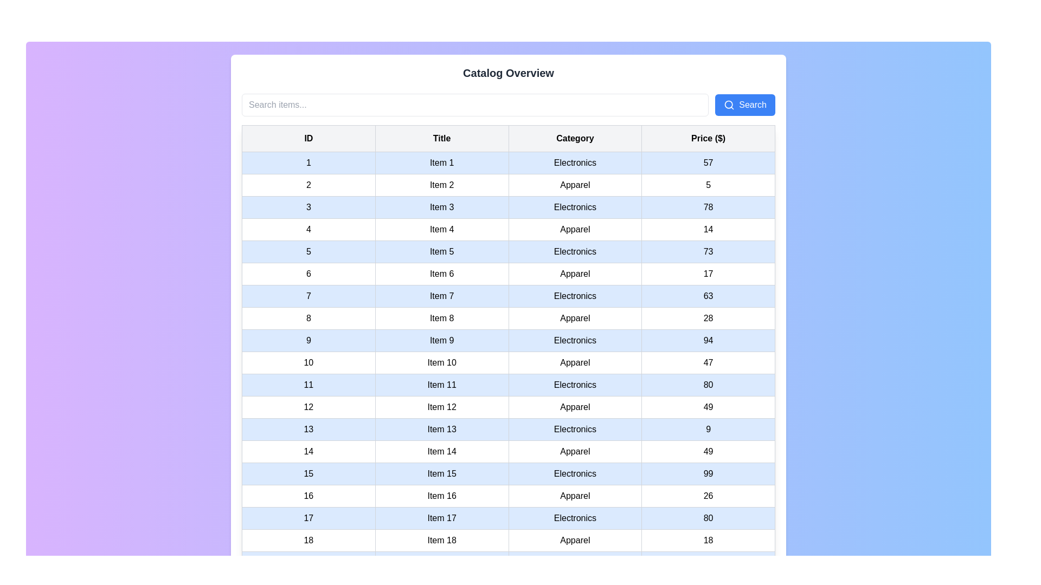 This screenshot has height=585, width=1041. I want to click on the table row containing details for 'Item 7', so click(507, 296).